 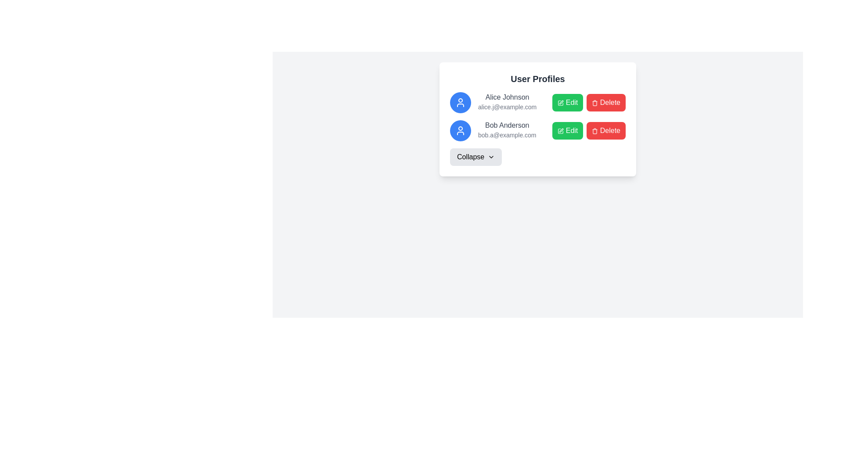 What do you see at coordinates (460, 130) in the screenshot?
I see `the circular blue user icon with a white user icon in the center, which is visually aligned to the left of the text 'Bob Anderson' and 'bob.a@example.com.'` at bounding box center [460, 130].